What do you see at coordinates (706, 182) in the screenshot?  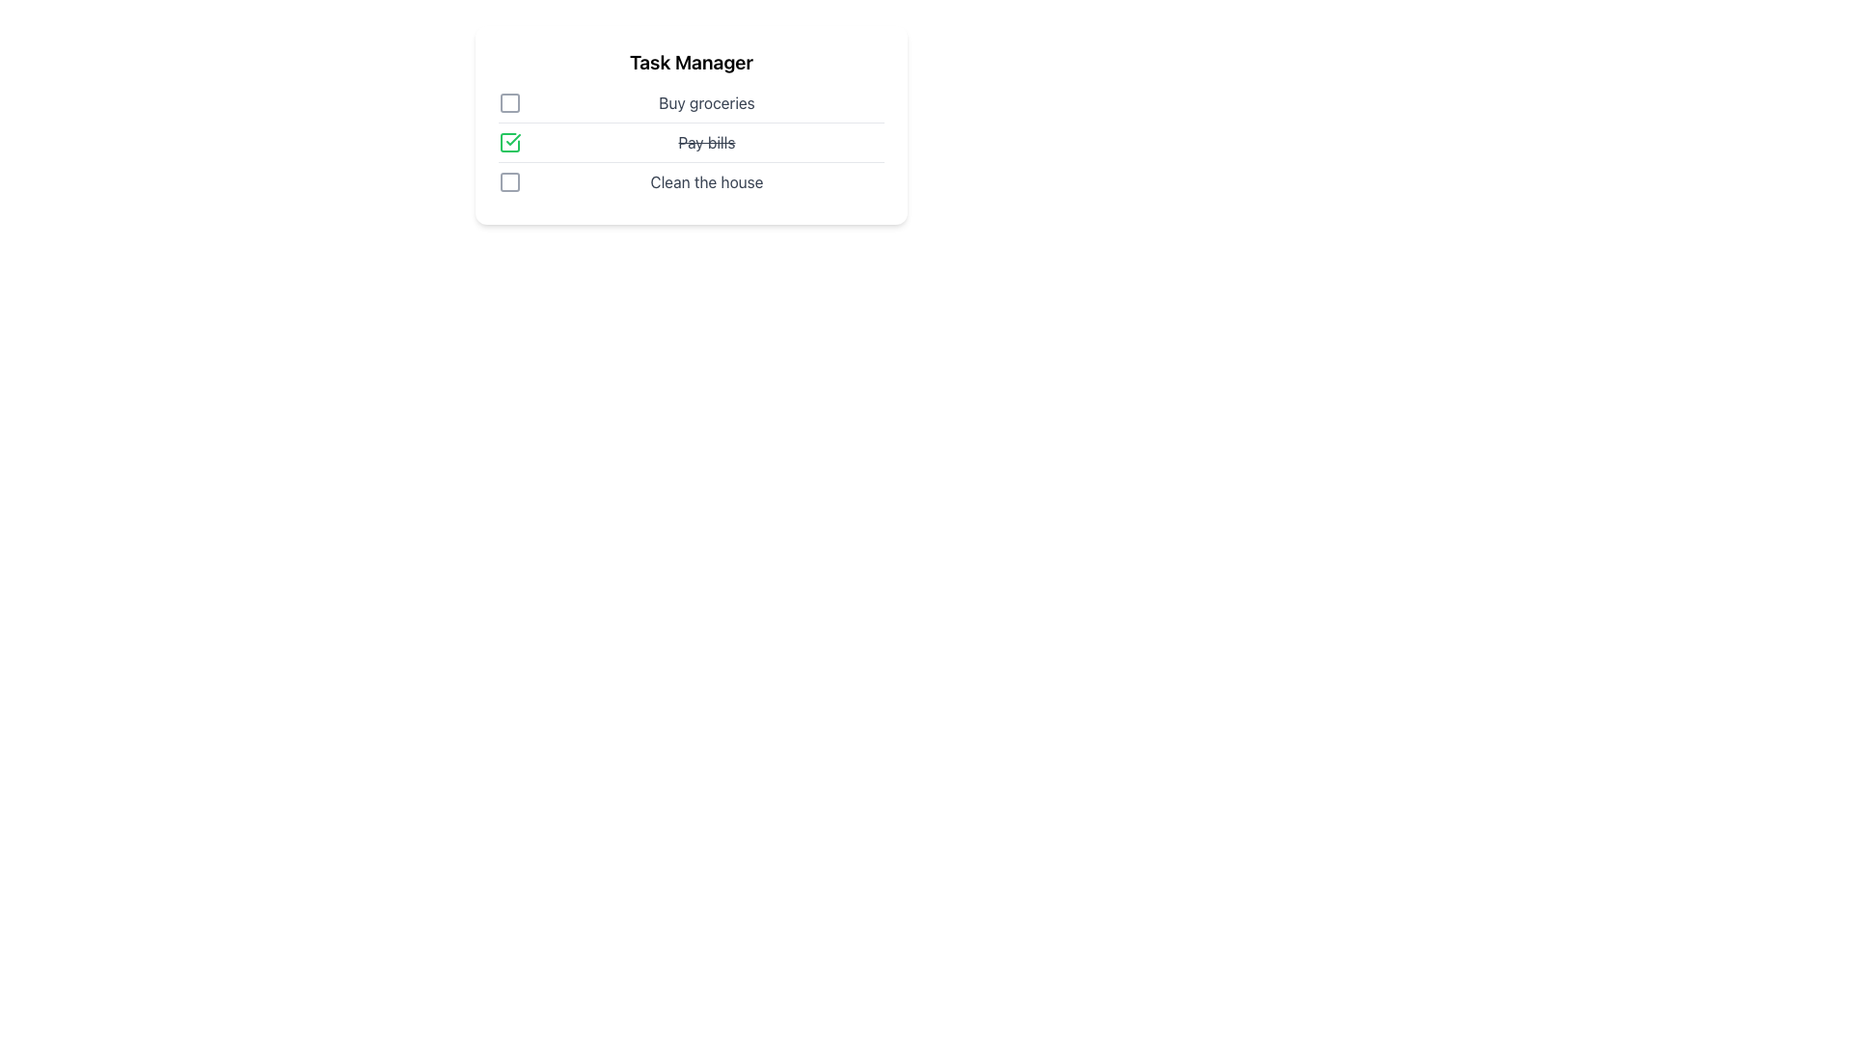 I see `on the text label displaying 'Clean the house', which is part of a task list and located` at bounding box center [706, 182].